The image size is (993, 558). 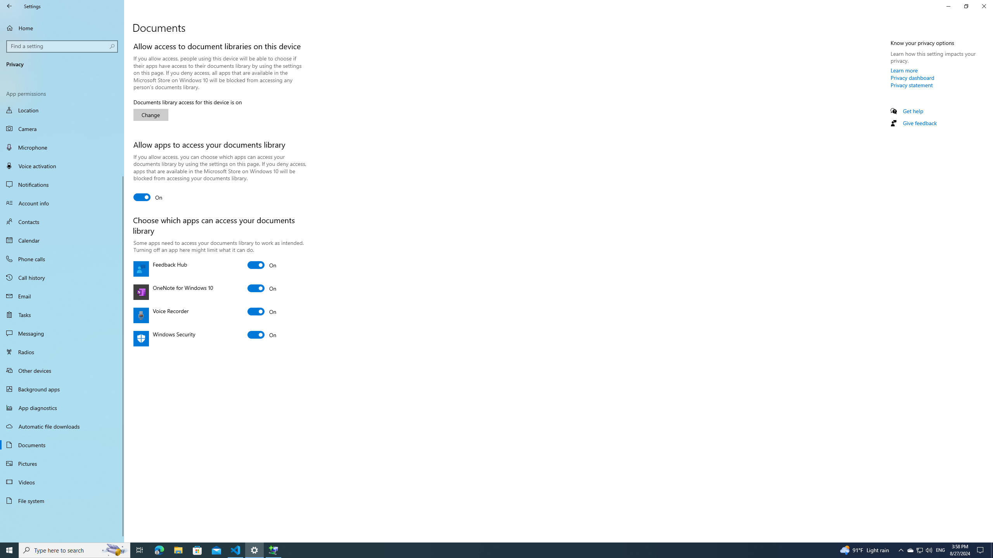 What do you see at coordinates (114, 549) in the screenshot?
I see `'Search highlights icon opens search home window'` at bounding box center [114, 549].